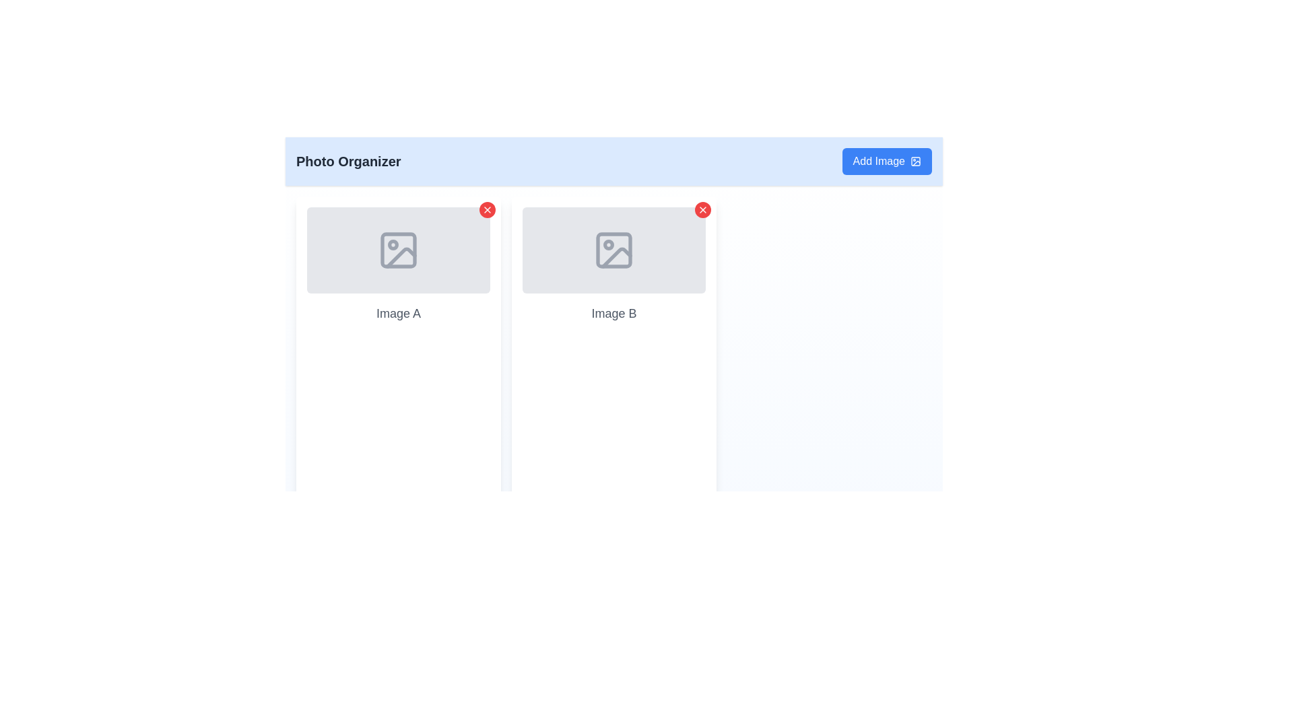 The height and width of the screenshot is (727, 1293). What do you see at coordinates (397, 314) in the screenshot?
I see `text from the label located beneath the placeholder image icon in the leftmost column of the two-column layout` at bounding box center [397, 314].